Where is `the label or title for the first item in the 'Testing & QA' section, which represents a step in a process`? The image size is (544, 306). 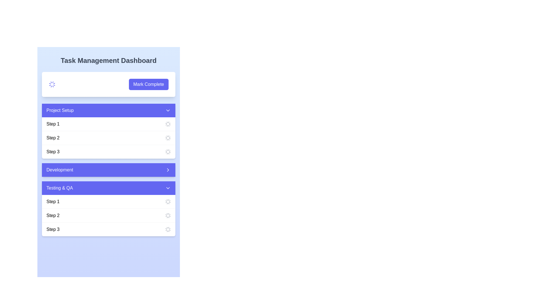 the label or title for the first item in the 'Testing & QA' section, which represents a step in a process is located at coordinates (53, 201).